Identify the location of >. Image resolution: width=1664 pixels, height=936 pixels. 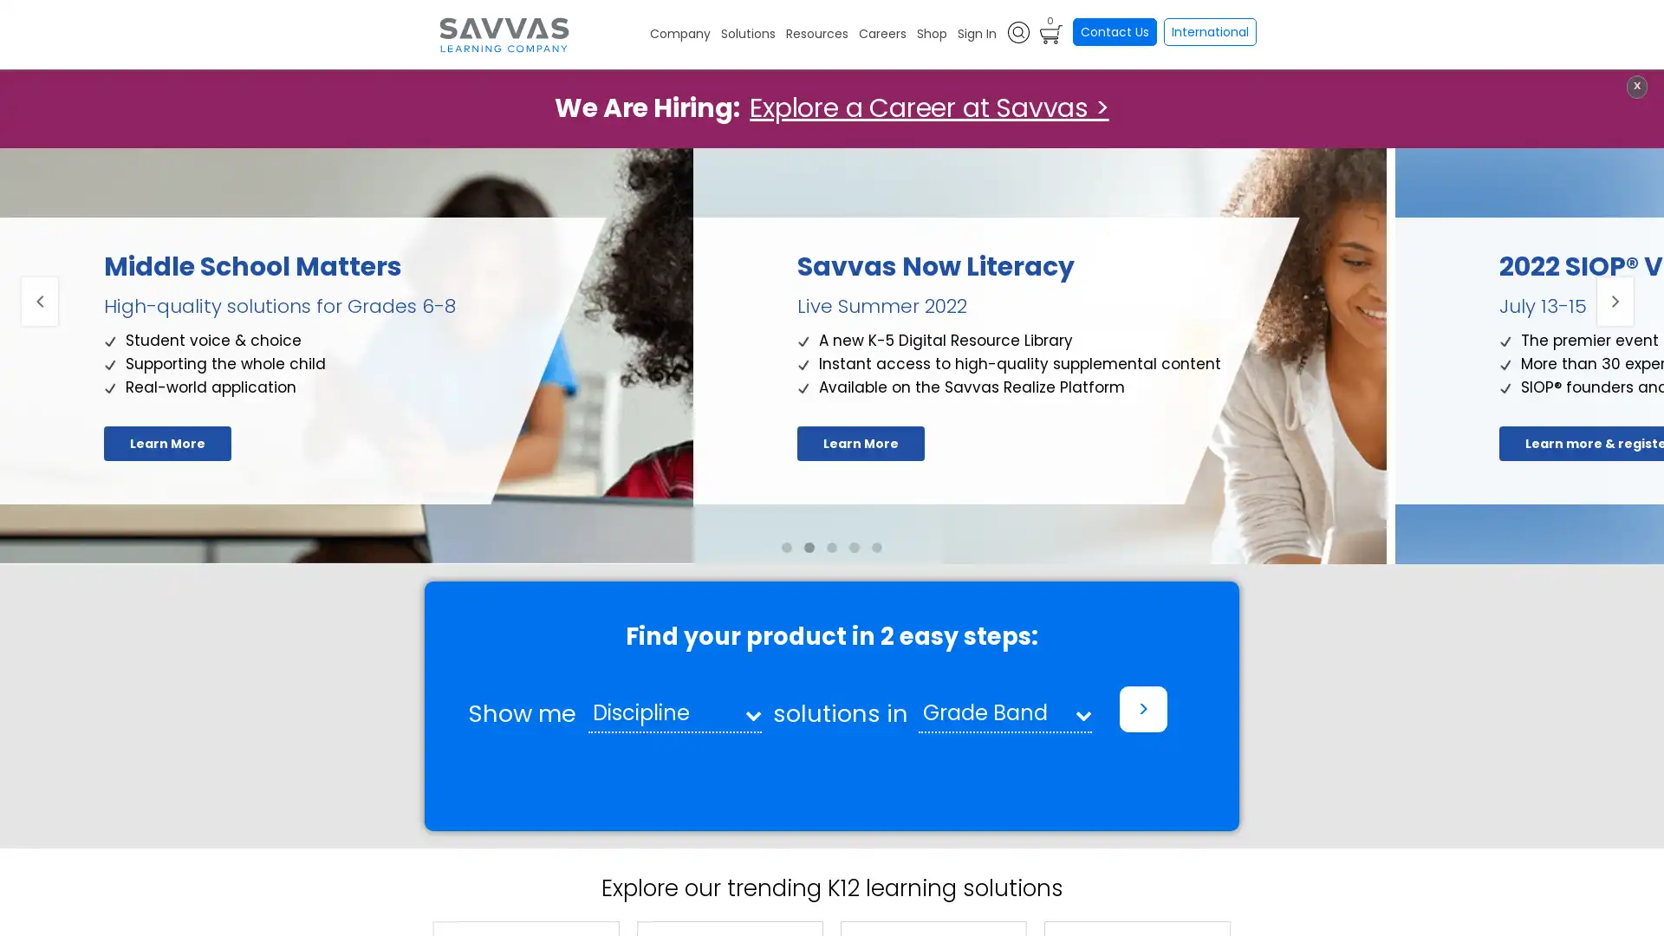
(1143, 709).